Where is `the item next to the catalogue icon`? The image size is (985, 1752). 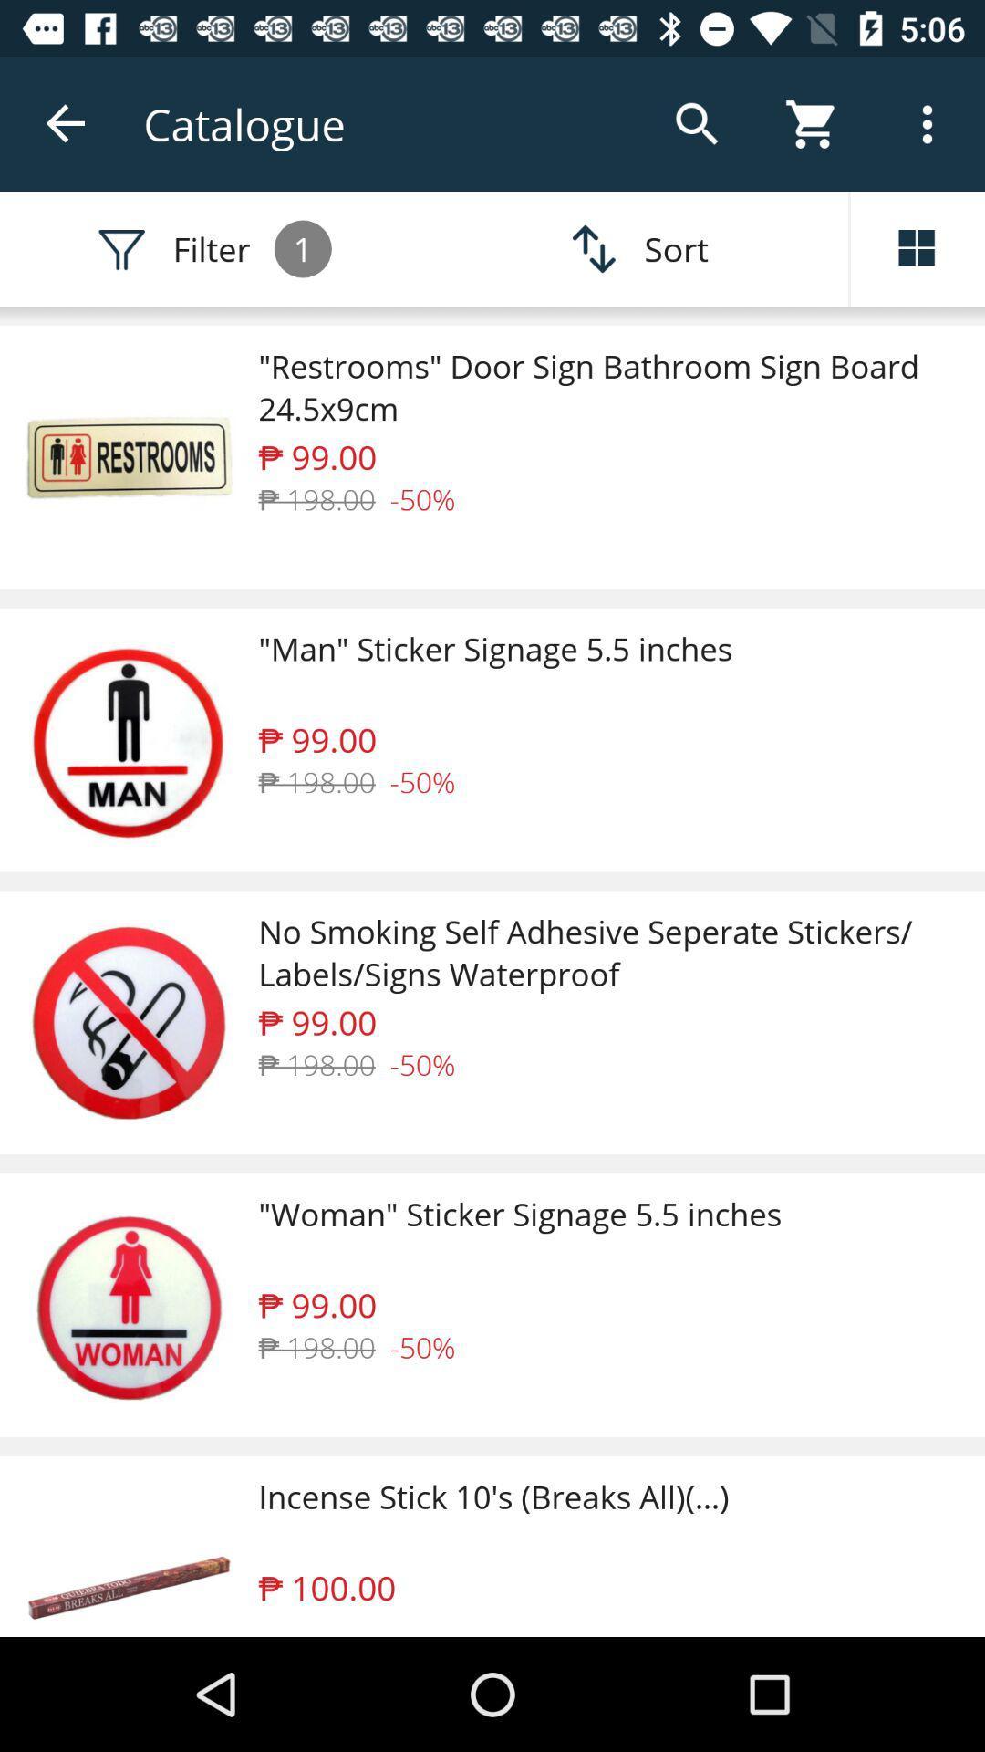
the item next to the catalogue icon is located at coordinates (66, 123).